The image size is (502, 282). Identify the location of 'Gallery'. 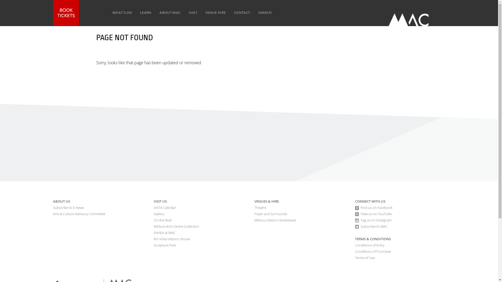
(159, 214).